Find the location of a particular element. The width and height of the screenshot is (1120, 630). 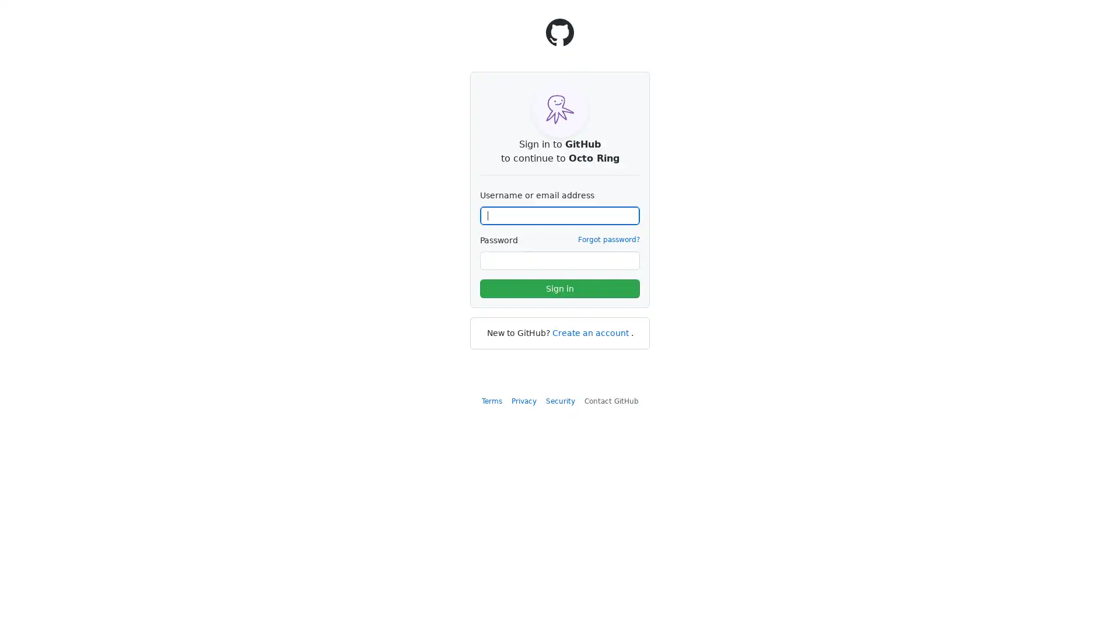

Sign in is located at coordinates (560, 288).